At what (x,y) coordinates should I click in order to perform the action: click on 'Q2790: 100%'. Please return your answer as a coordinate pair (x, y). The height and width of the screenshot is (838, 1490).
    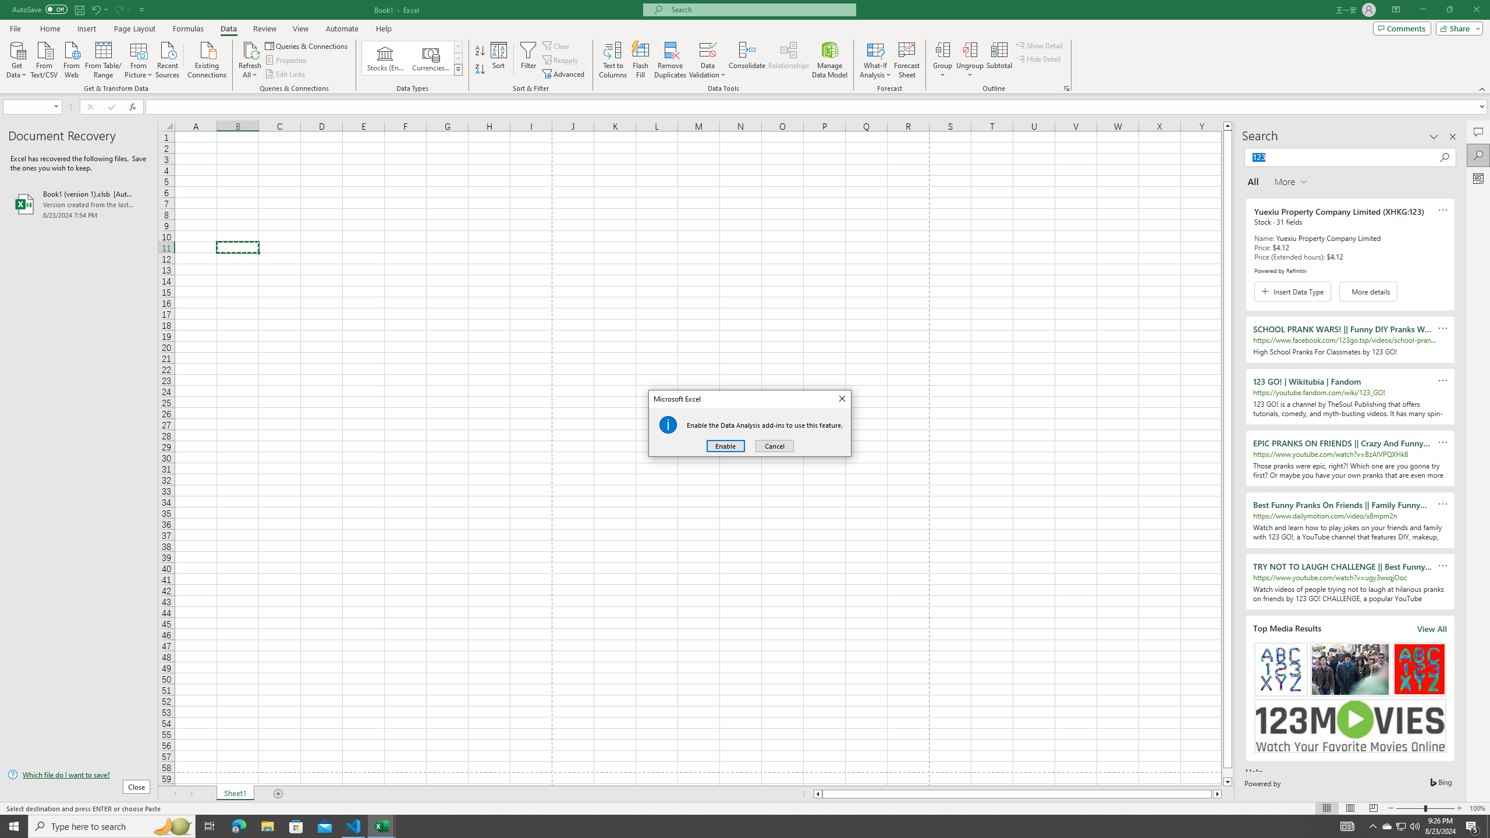
    Looking at the image, I should click on (1414, 825).